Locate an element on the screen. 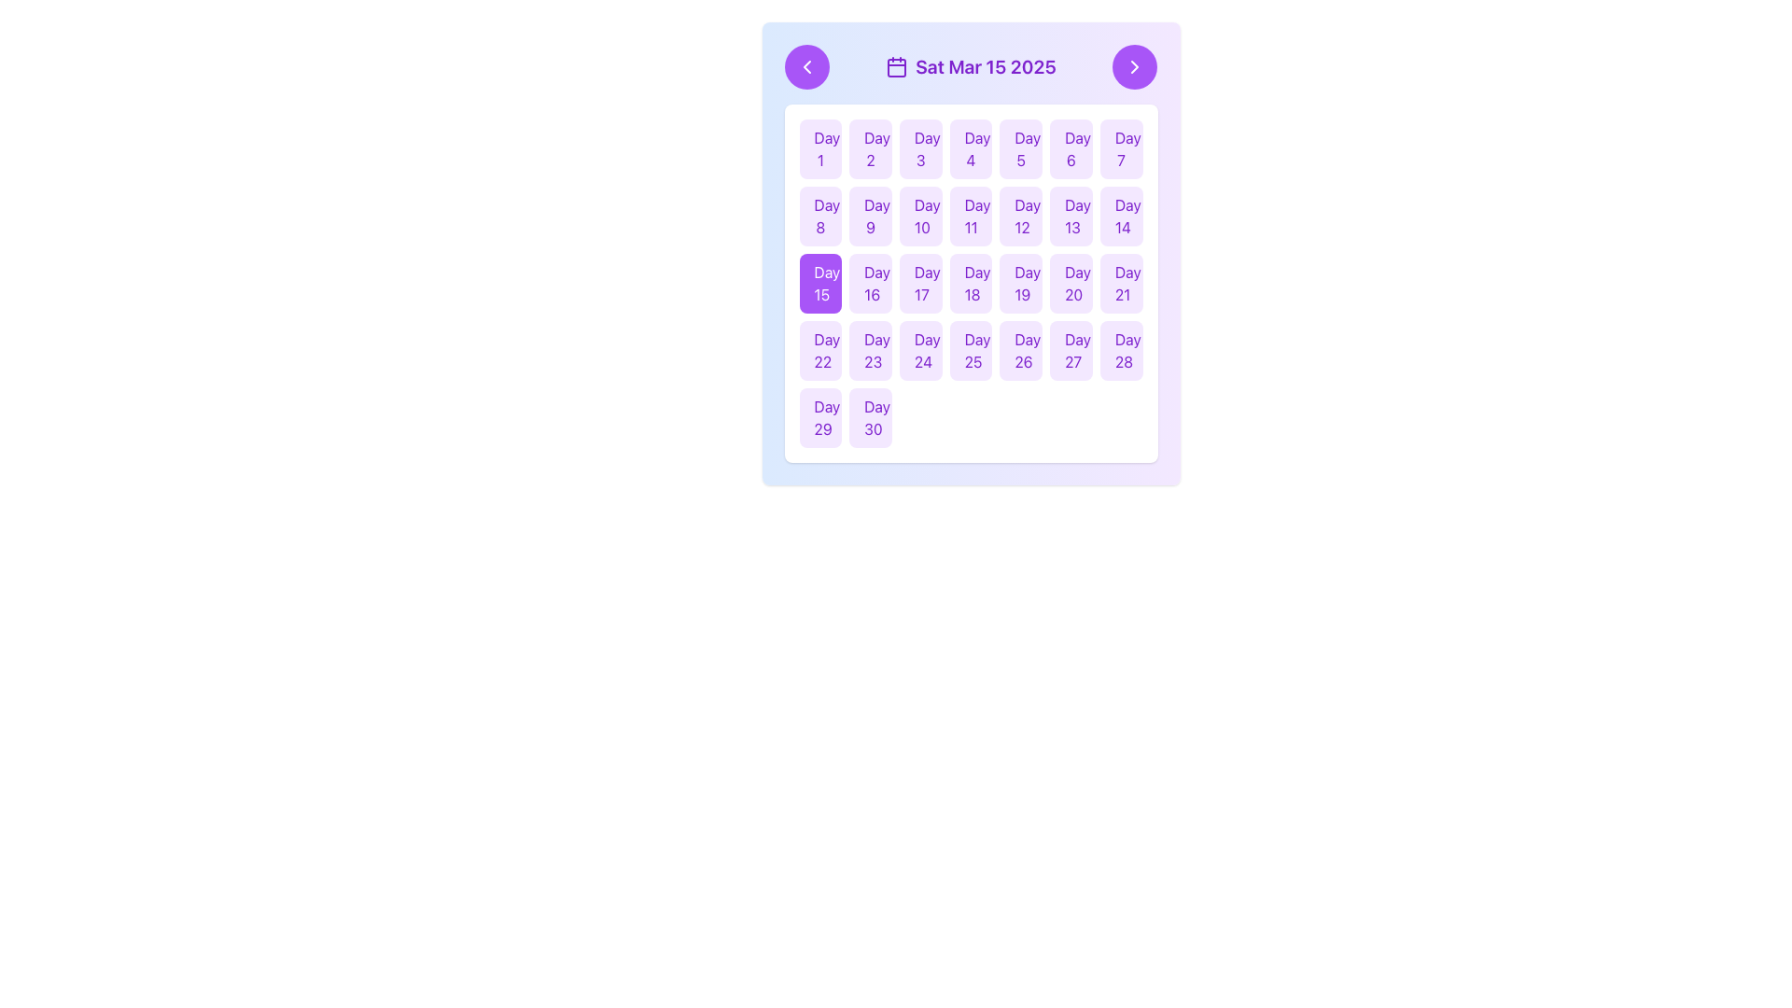  the vibrant purple circular button with a white leftward arrow is located at coordinates (806, 66).